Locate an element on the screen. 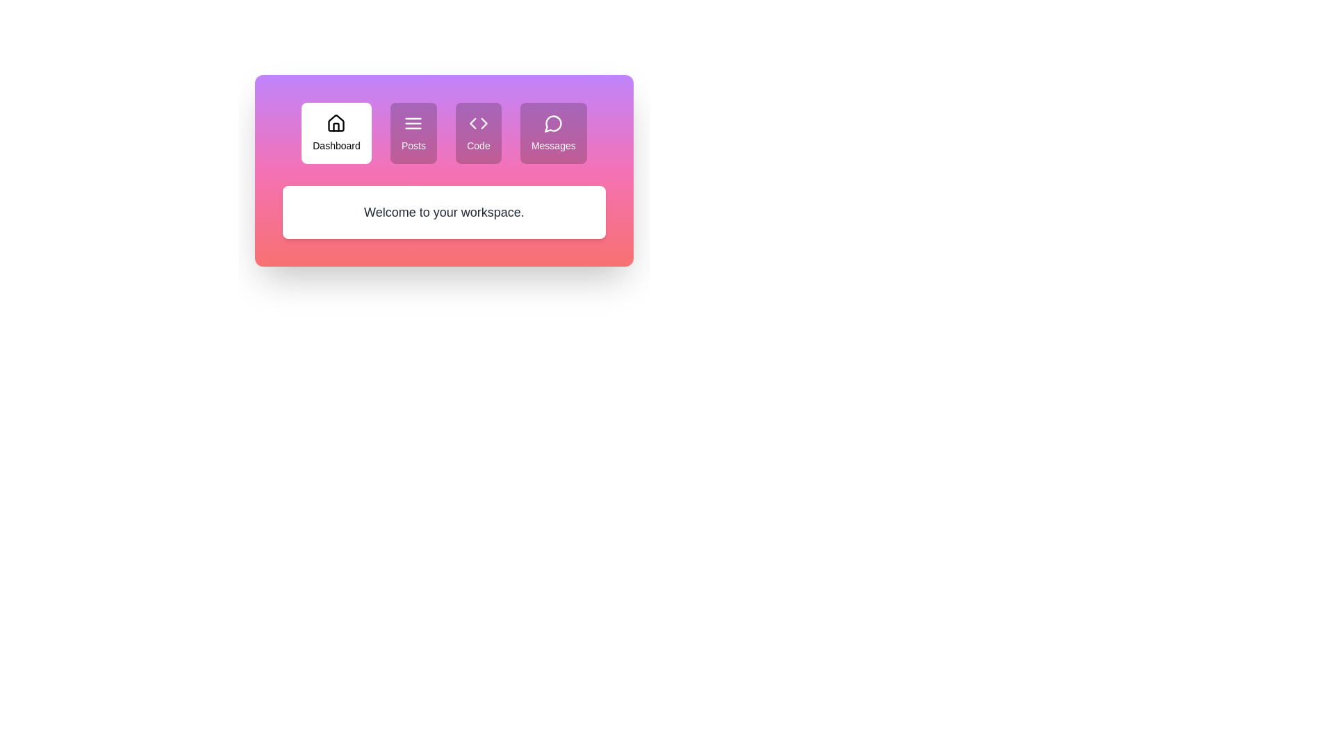 This screenshot has width=1334, height=750. the tab labeled Posts to observe visual changes is located at coordinates (413, 133).